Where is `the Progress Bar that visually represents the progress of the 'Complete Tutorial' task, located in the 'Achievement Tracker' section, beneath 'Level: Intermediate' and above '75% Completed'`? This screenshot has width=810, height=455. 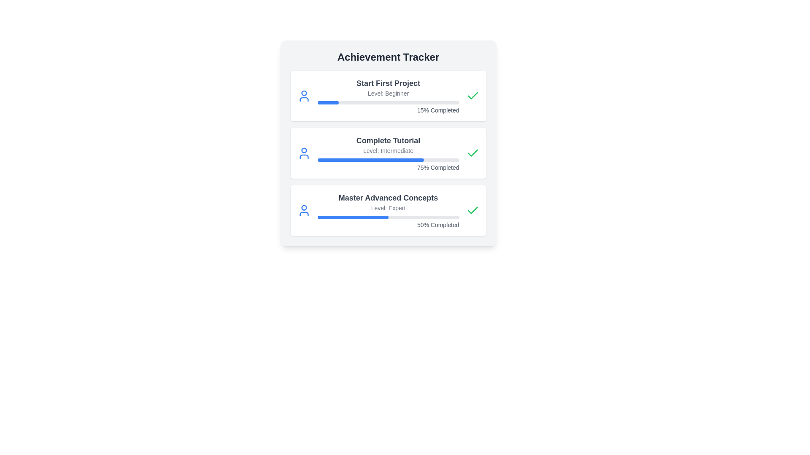
the Progress Bar that visually represents the progress of the 'Complete Tutorial' task, located in the 'Achievement Tracker' section, beneath 'Level: Intermediate' and above '75% Completed' is located at coordinates (388, 160).